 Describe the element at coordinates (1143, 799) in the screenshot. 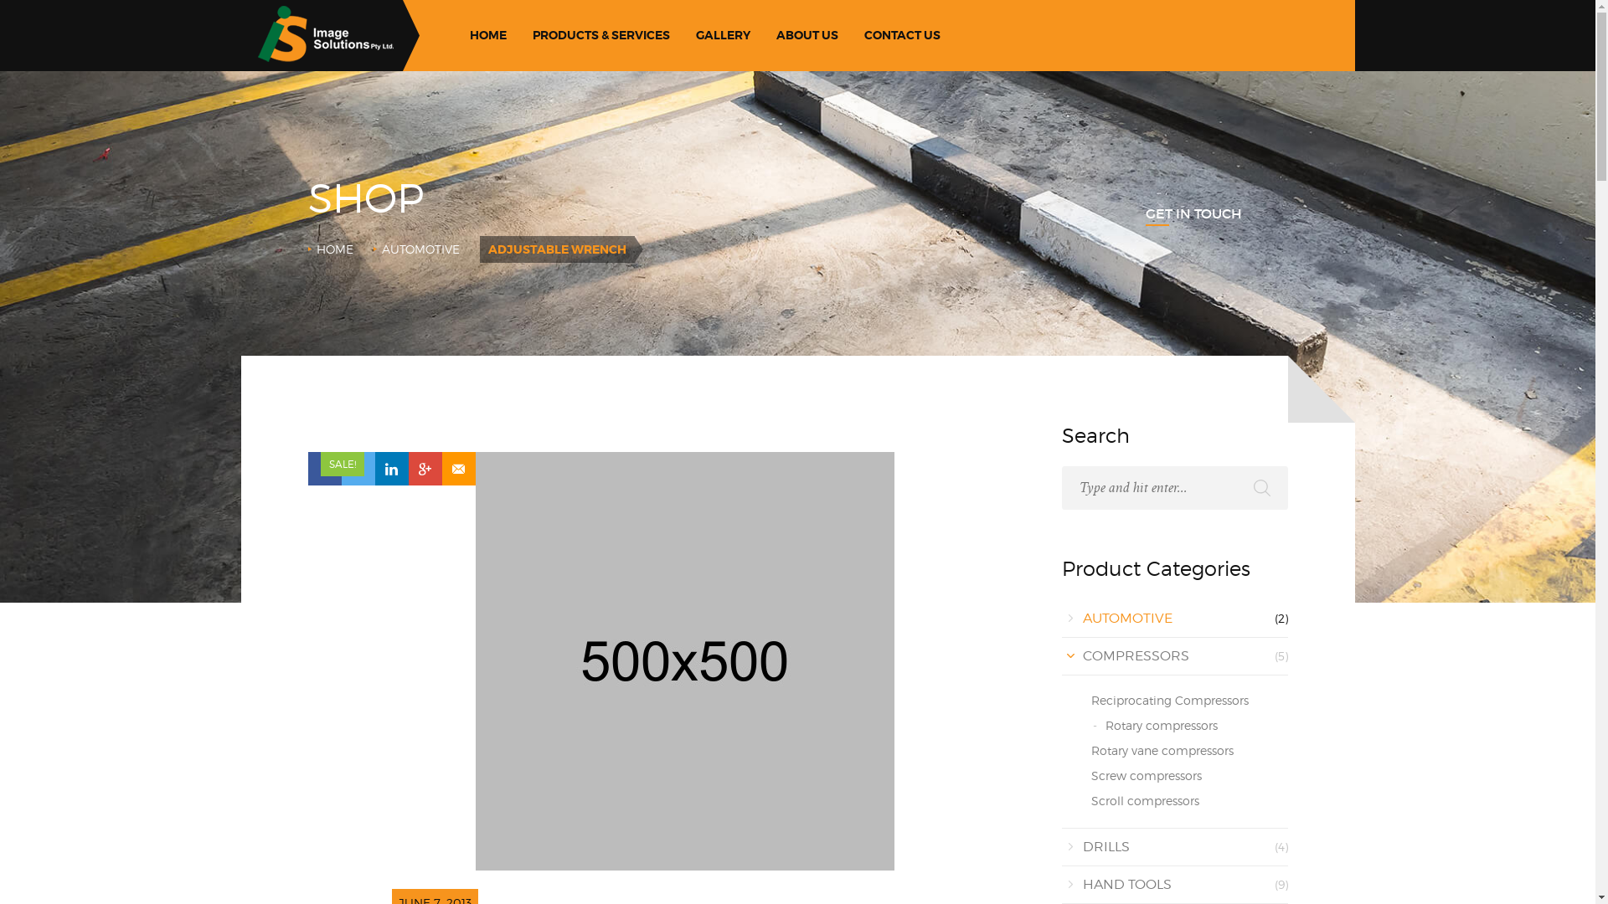

I see `'Scroll compressors'` at that location.